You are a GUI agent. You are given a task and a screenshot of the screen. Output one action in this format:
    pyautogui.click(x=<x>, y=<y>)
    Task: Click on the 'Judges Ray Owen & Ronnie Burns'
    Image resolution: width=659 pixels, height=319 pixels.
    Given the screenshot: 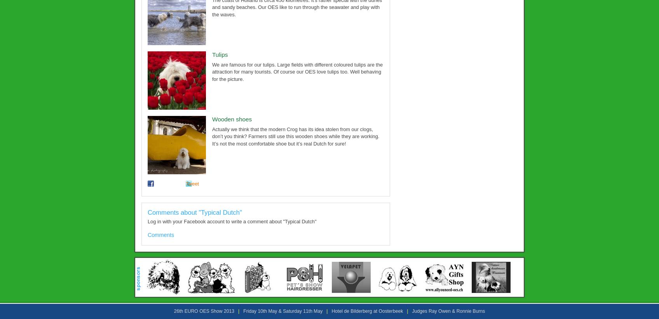 What is the action you would take?
    pyautogui.click(x=448, y=311)
    